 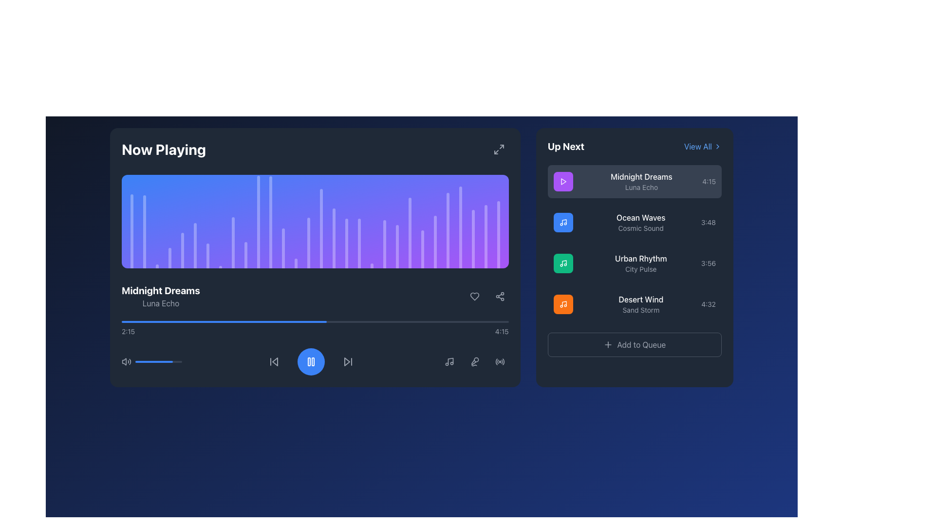 I want to click on the progress bar, which is a thin horizontal bar with a gray background and a blue portion indicating progress, located in the bottom-left of the music player interface, so click(x=159, y=362).